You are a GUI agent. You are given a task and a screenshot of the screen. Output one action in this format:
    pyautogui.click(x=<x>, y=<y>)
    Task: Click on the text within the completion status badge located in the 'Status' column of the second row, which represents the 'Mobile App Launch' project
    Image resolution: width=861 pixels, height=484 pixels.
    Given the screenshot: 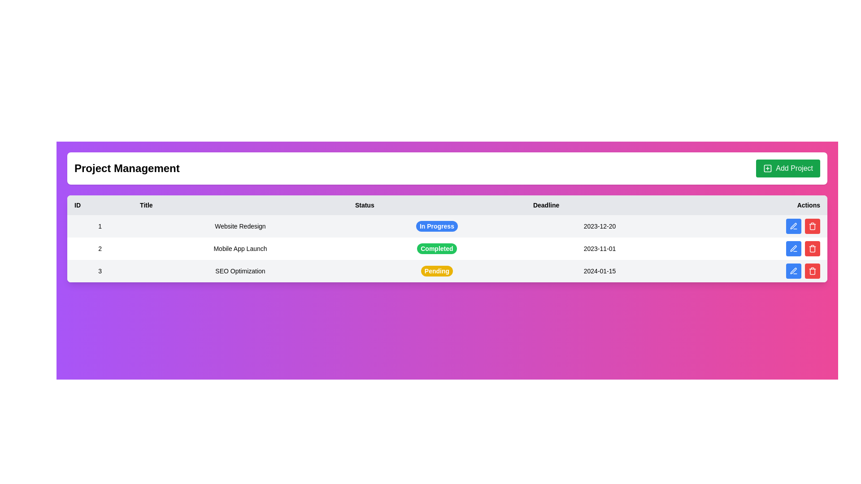 What is the action you would take?
    pyautogui.click(x=437, y=249)
    